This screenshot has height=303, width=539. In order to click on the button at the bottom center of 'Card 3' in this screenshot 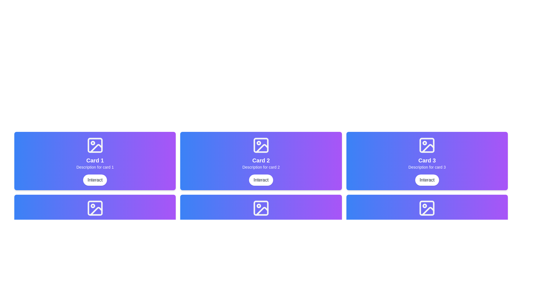, I will do `click(427, 180)`.